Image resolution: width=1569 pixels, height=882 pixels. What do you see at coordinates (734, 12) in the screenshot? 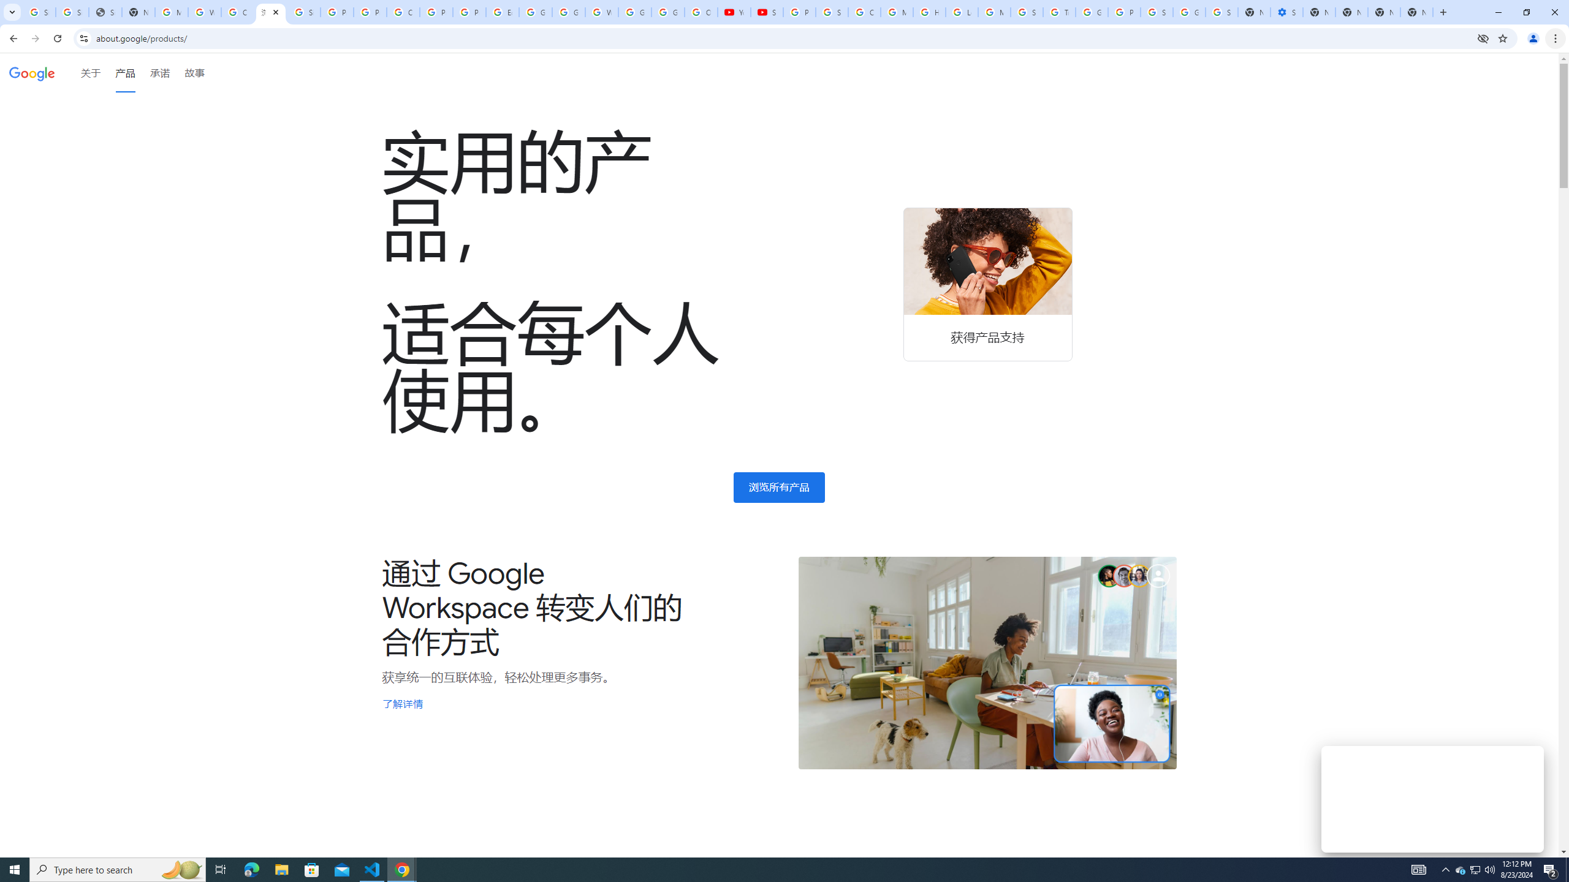
I see `'YouTube'` at bounding box center [734, 12].